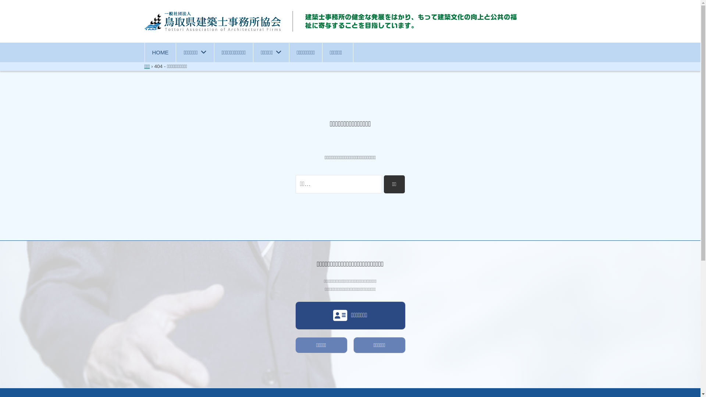 This screenshot has height=397, width=706. What do you see at coordinates (145, 52) in the screenshot?
I see `'HOME'` at bounding box center [145, 52].